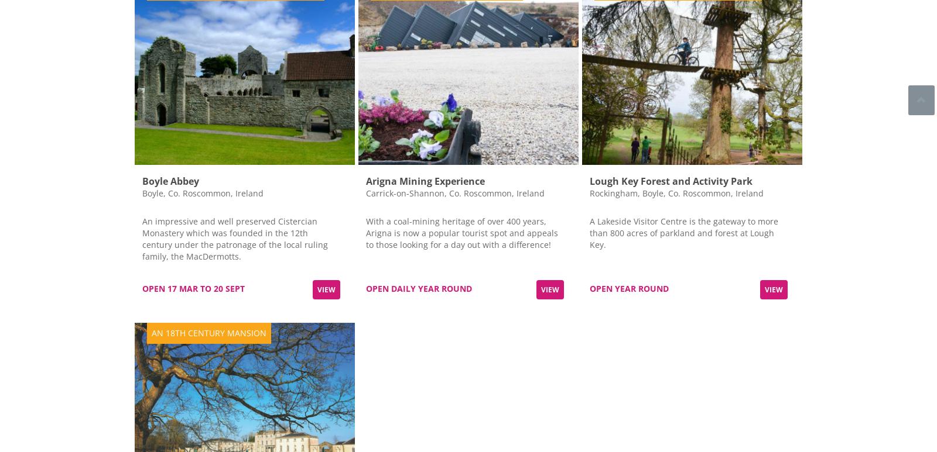 Image resolution: width=937 pixels, height=452 pixels. What do you see at coordinates (676, 192) in the screenshot?
I see `'Rockingham, Boyle, Co. Roscommon, Ireland'` at bounding box center [676, 192].